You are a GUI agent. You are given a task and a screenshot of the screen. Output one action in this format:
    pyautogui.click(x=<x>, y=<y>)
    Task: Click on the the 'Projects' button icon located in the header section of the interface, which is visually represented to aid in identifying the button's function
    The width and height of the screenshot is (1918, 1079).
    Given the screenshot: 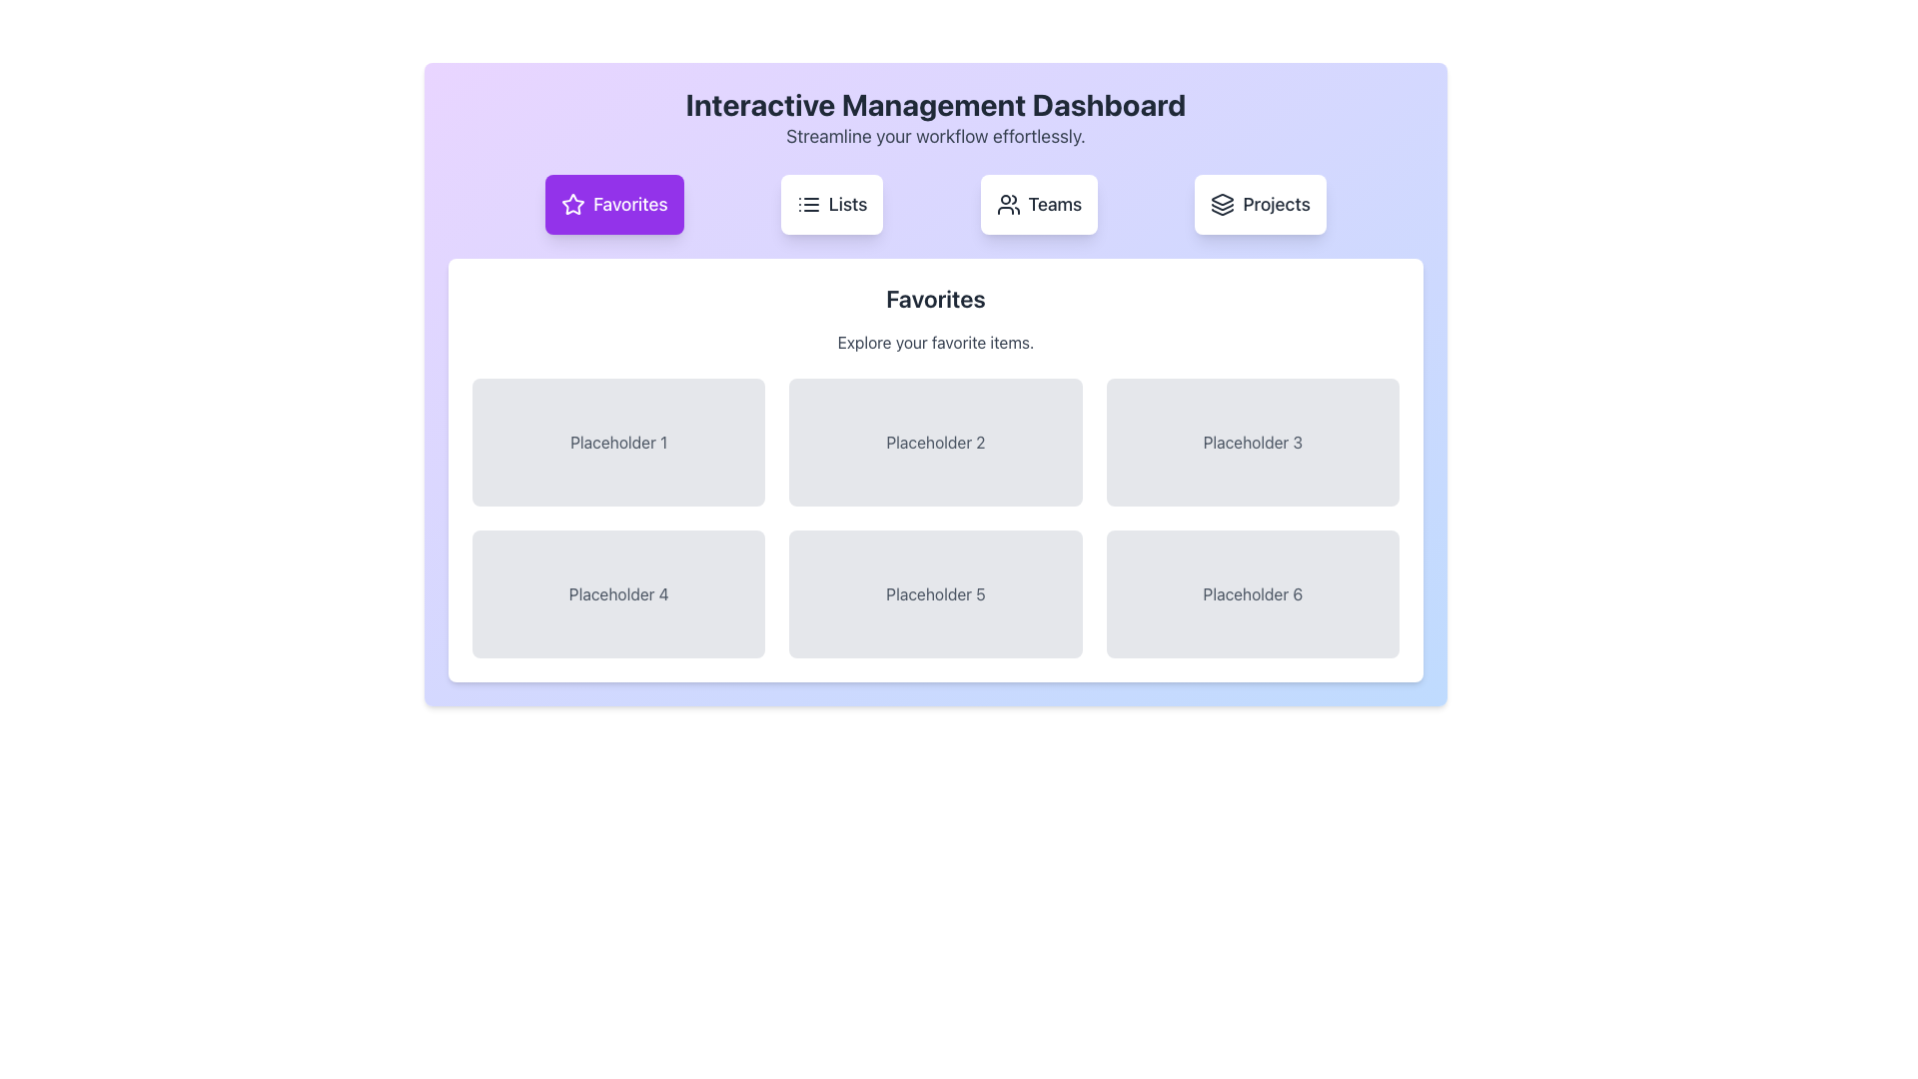 What is the action you would take?
    pyautogui.click(x=1222, y=204)
    